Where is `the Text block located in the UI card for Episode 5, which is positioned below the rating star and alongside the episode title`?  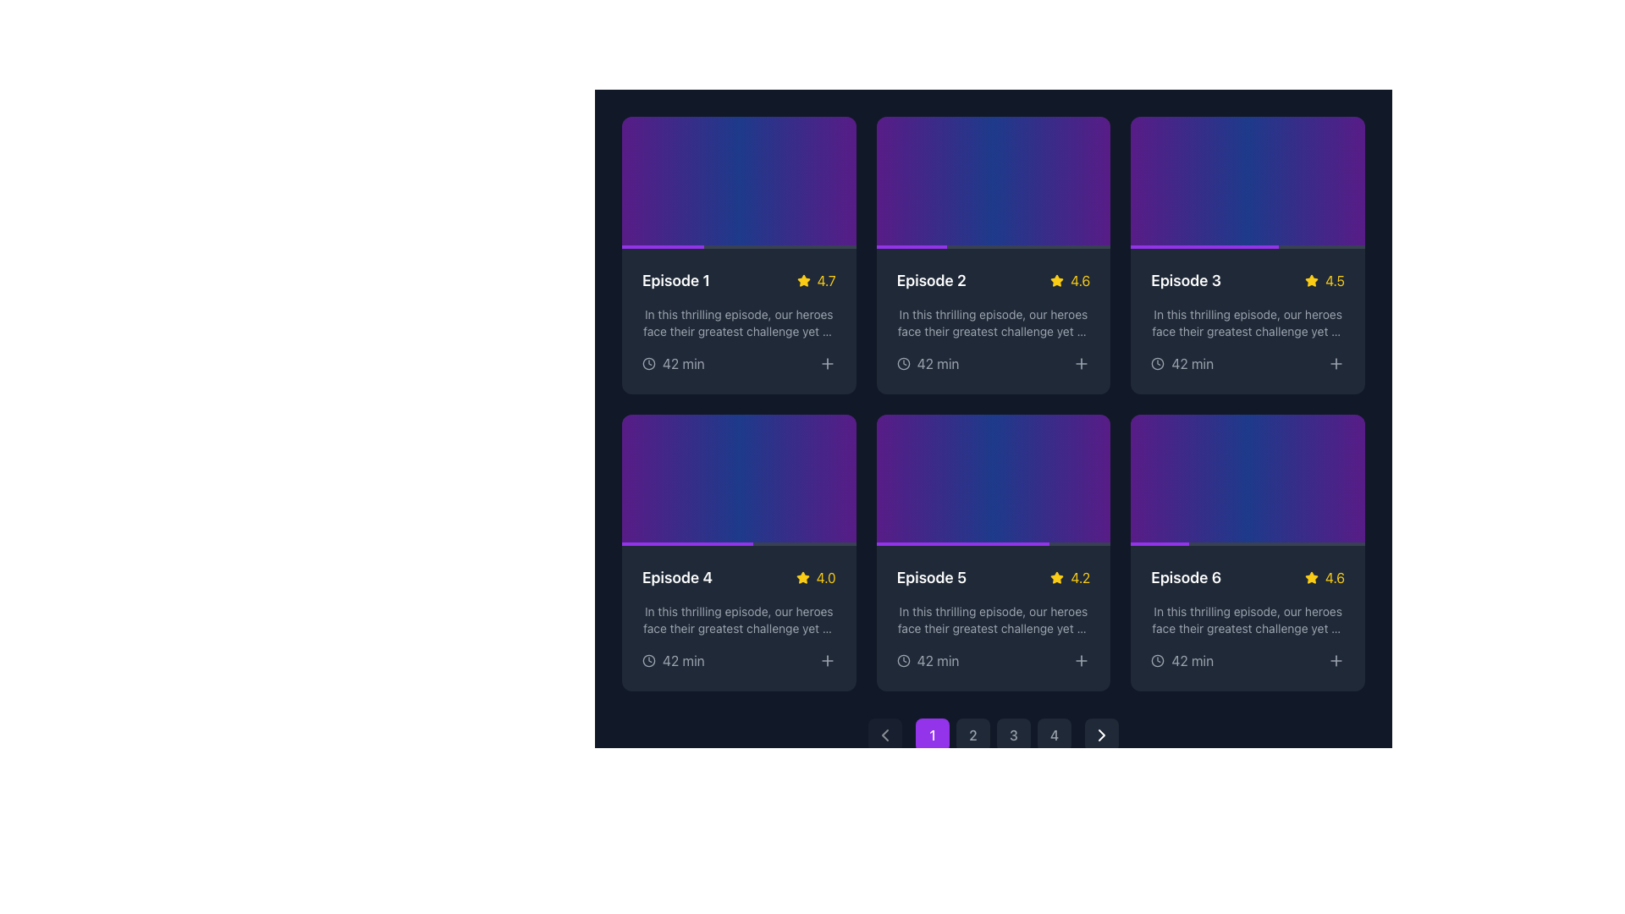 the Text block located in the UI card for Episode 5, which is positioned below the rating star and alongside the episode title is located at coordinates (994, 620).